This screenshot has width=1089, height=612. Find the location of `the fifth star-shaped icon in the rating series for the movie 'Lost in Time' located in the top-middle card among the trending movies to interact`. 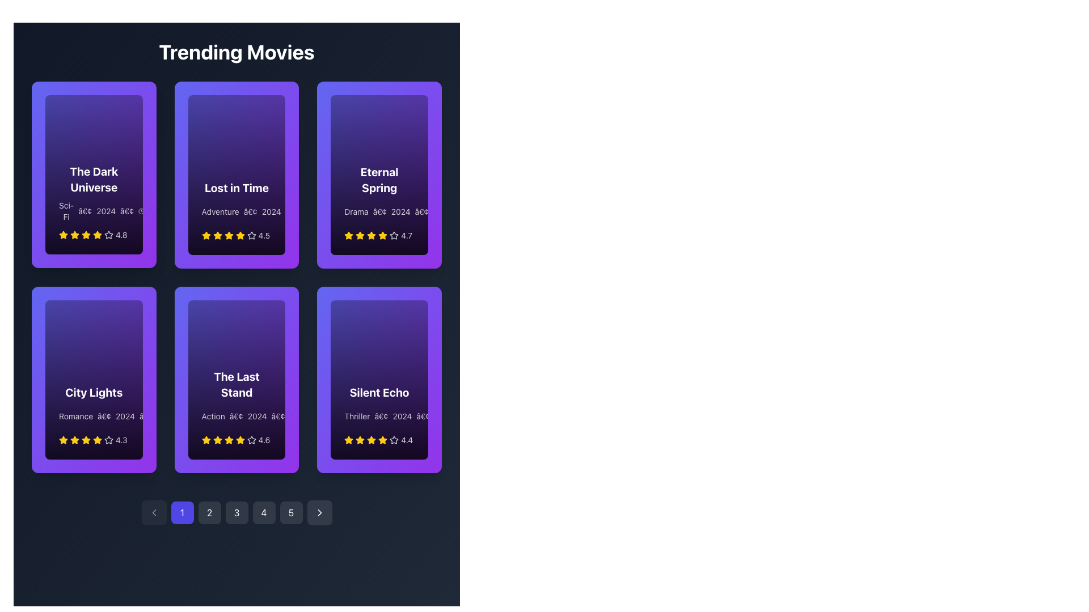

the fifth star-shaped icon in the rating series for the movie 'Lost in Time' located in the top-middle card among the trending movies to interact is located at coordinates (251, 235).